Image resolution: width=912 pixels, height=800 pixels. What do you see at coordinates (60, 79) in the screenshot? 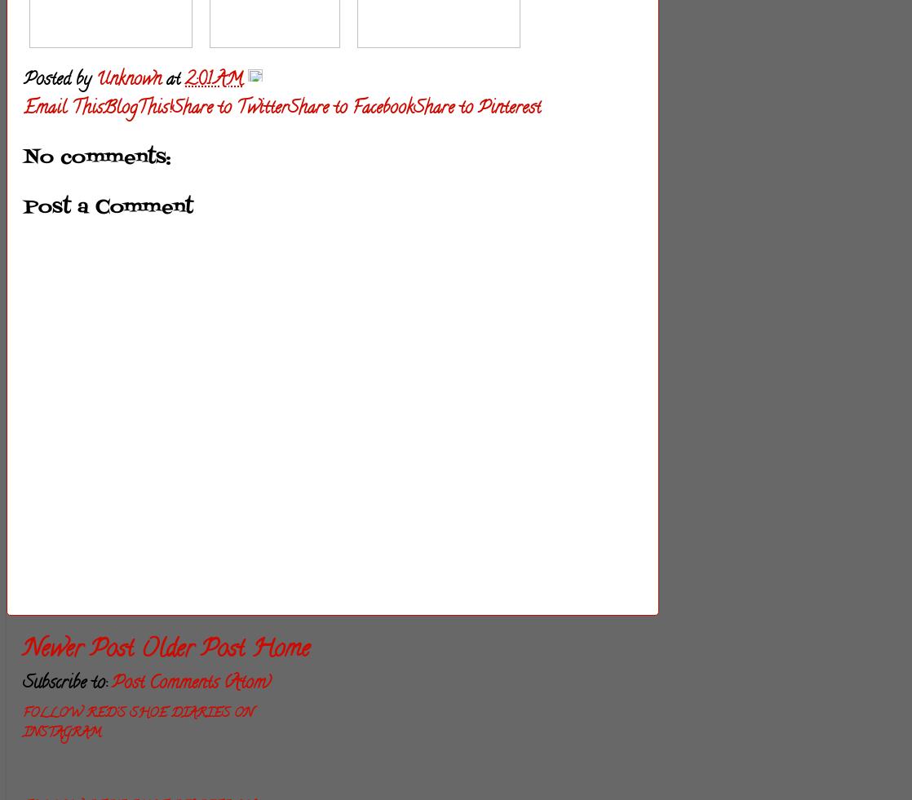
I see `'Posted by'` at bounding box center [60, 79].